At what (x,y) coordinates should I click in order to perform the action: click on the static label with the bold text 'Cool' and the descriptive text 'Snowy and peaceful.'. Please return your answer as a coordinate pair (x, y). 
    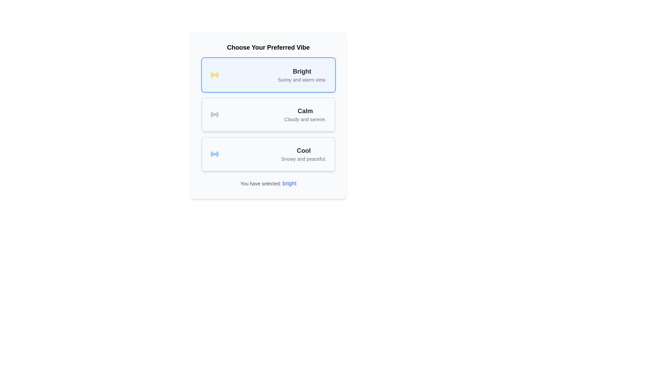
    Looking at the image, I should click on (304, 153).